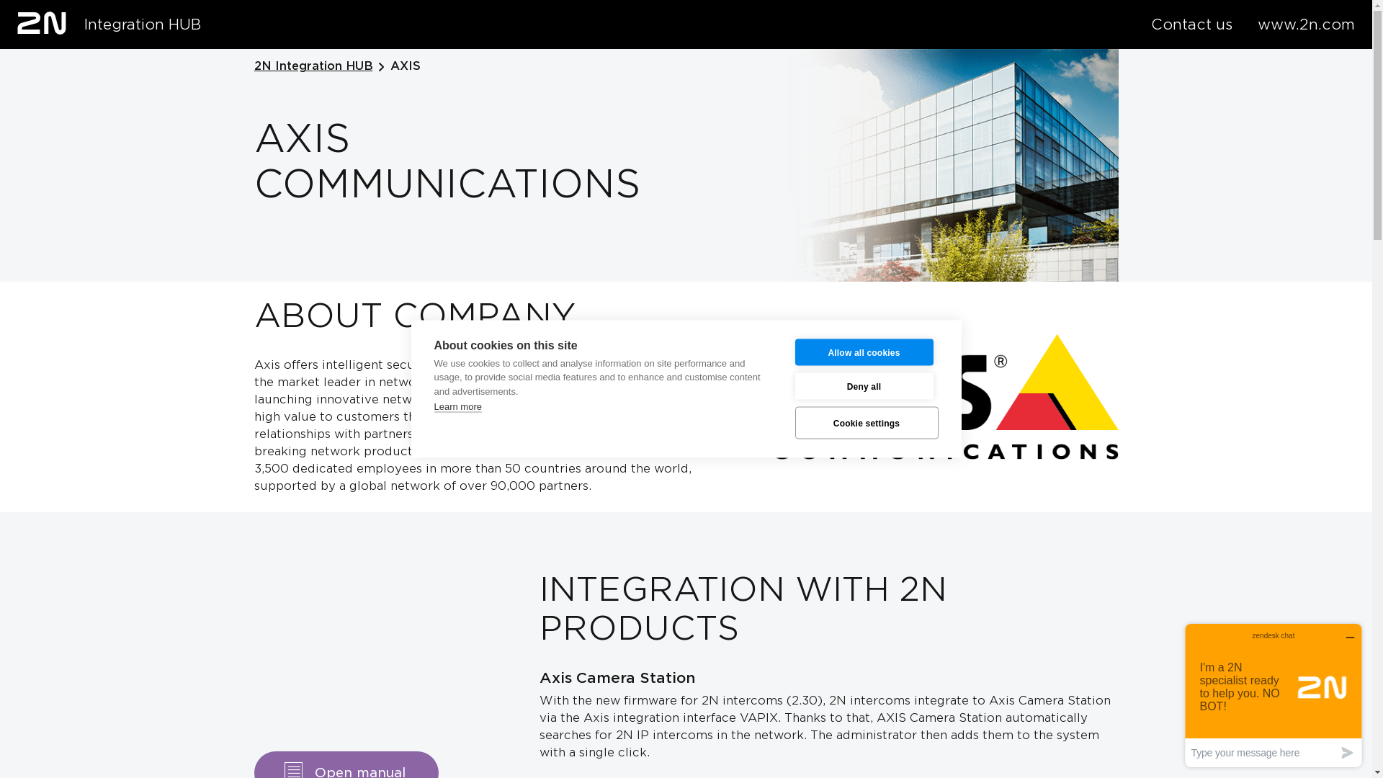 The image size is (1383, 778). I want to click on 'Learn more', so click(456, 406).